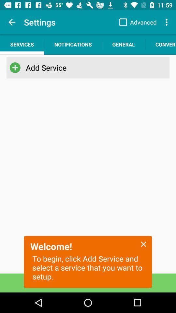  Describe the element at coordinates (160, 44) in the screenshot. I see `the button next to general` at that location.